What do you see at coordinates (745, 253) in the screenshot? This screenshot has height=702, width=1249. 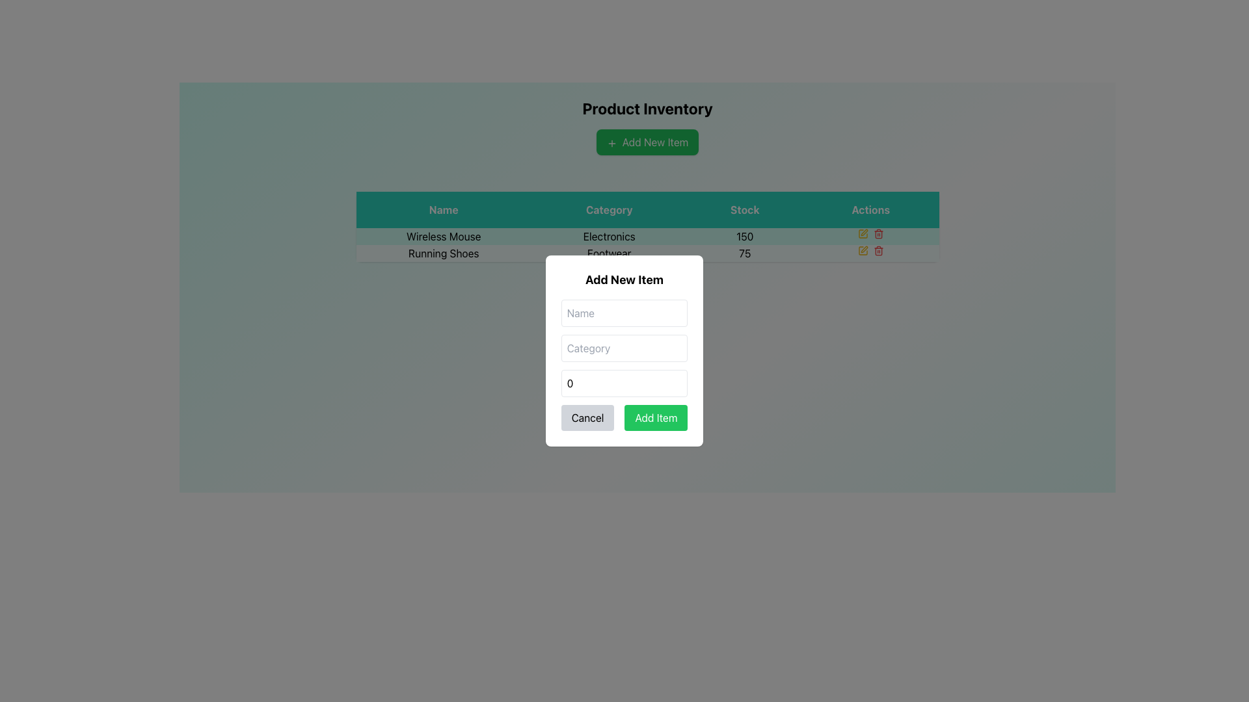 I see `the text displaying the numeric value '75' in the 'Stock' column of the 'Running Shoes' row` at bounding box center [745, 253].